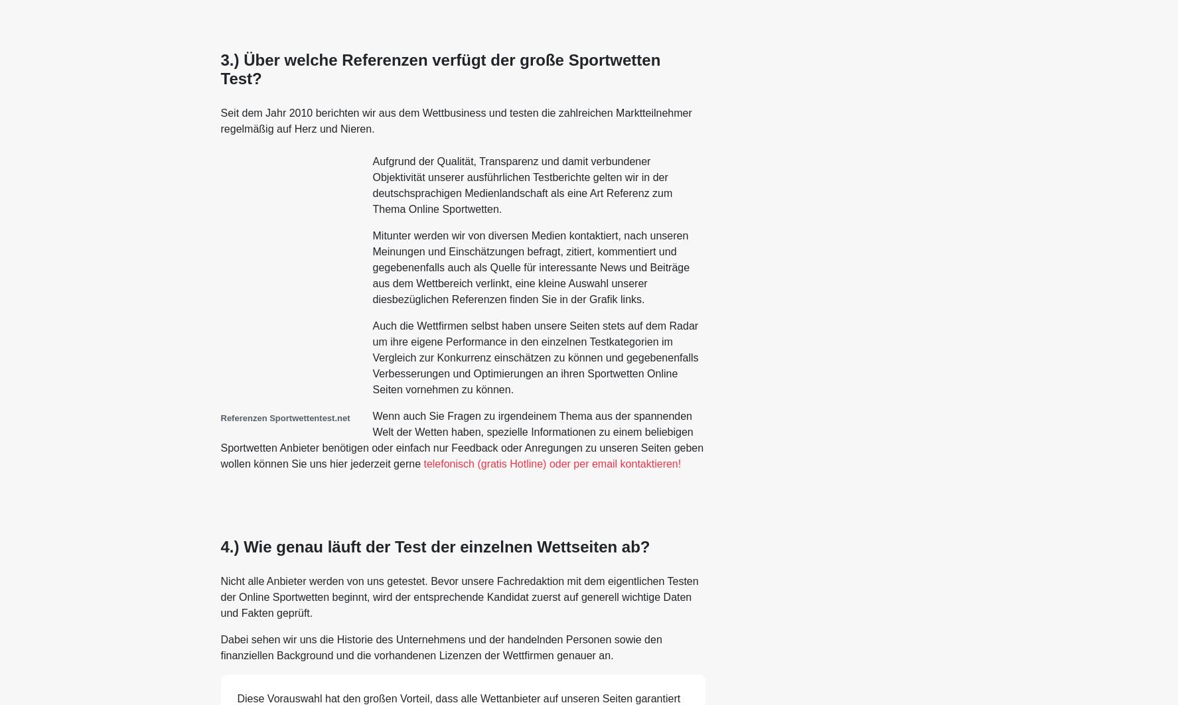  What do you see at coordinates (522, 185) in the screenshot?
I see `'Aufgrund der Qualität, Transparenz und damit verbundener Objektivität unserer ausführlichen Testberichte gelten wir in der deutschsprachigen Medienlandschaft als eine Art Referenz zum Thema Online Sportwetten.'` at bounding box center [522, 185].